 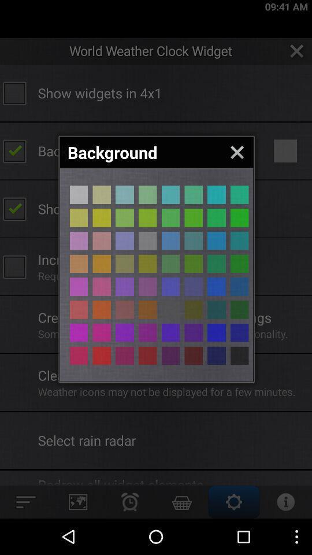 I want to click on background color, so click(x=216, y=264).